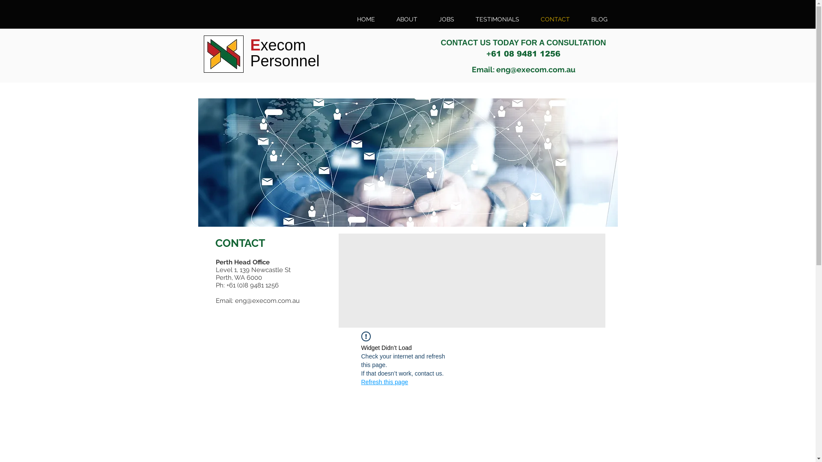  What do you see at coordinates (497, 19) in the screenshot?
I see `'TESTIMONIALS'` at bounding box center [497, 19].